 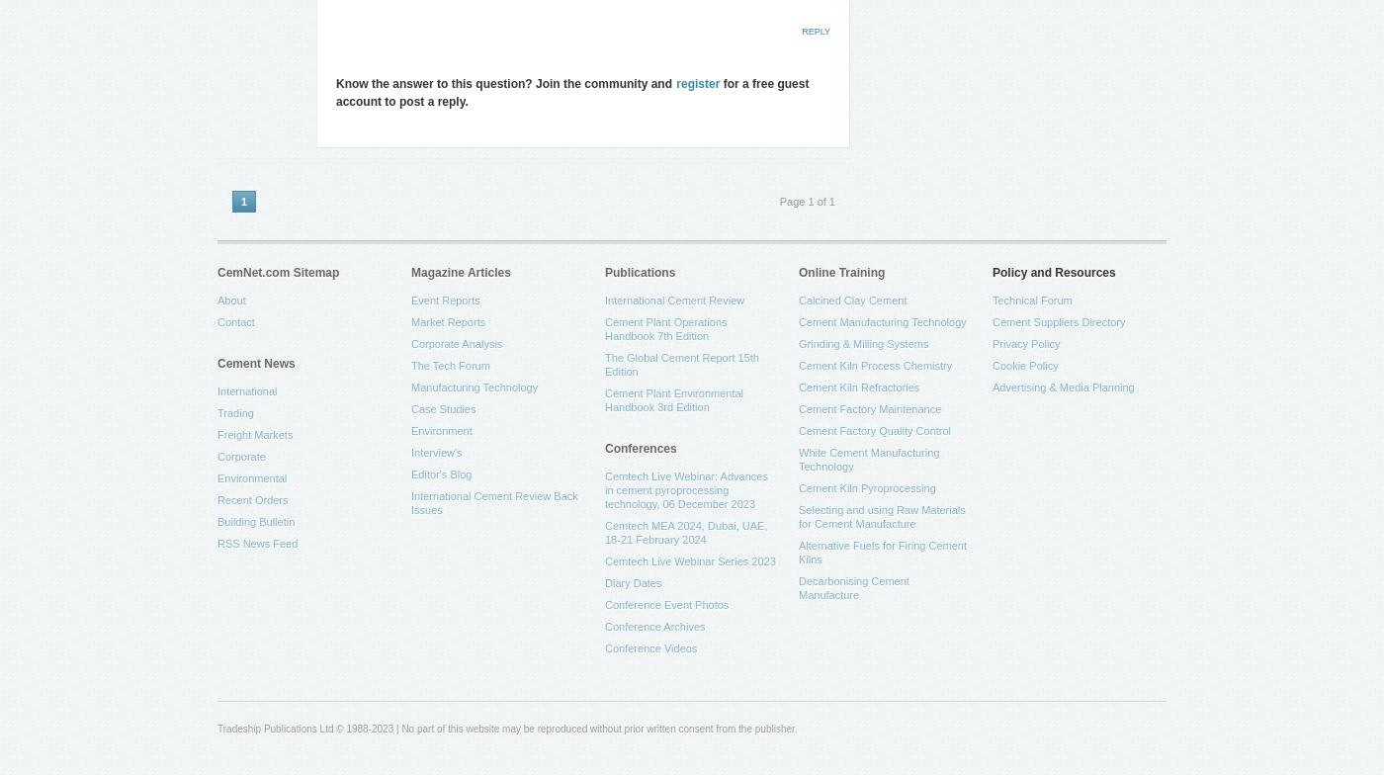 I want to click on 'Cement Plant Operations Handbook 7th Edition', so click(x=665, y=328).